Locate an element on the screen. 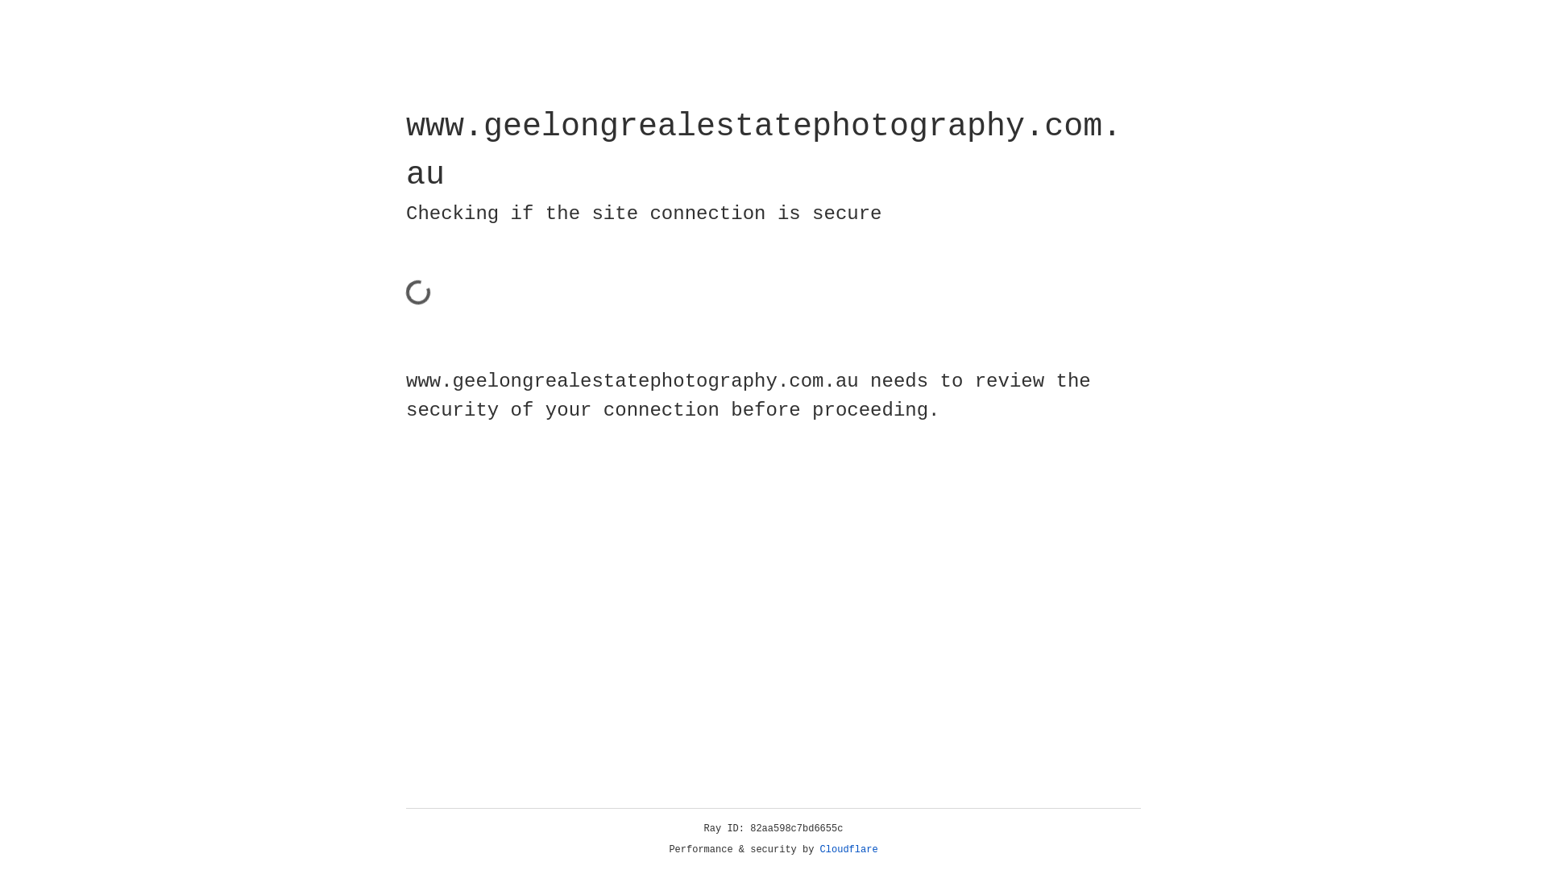 The height and width of the screenshot is (870, 1547). 'Cloudflare' is located at coordinates (848, 849).